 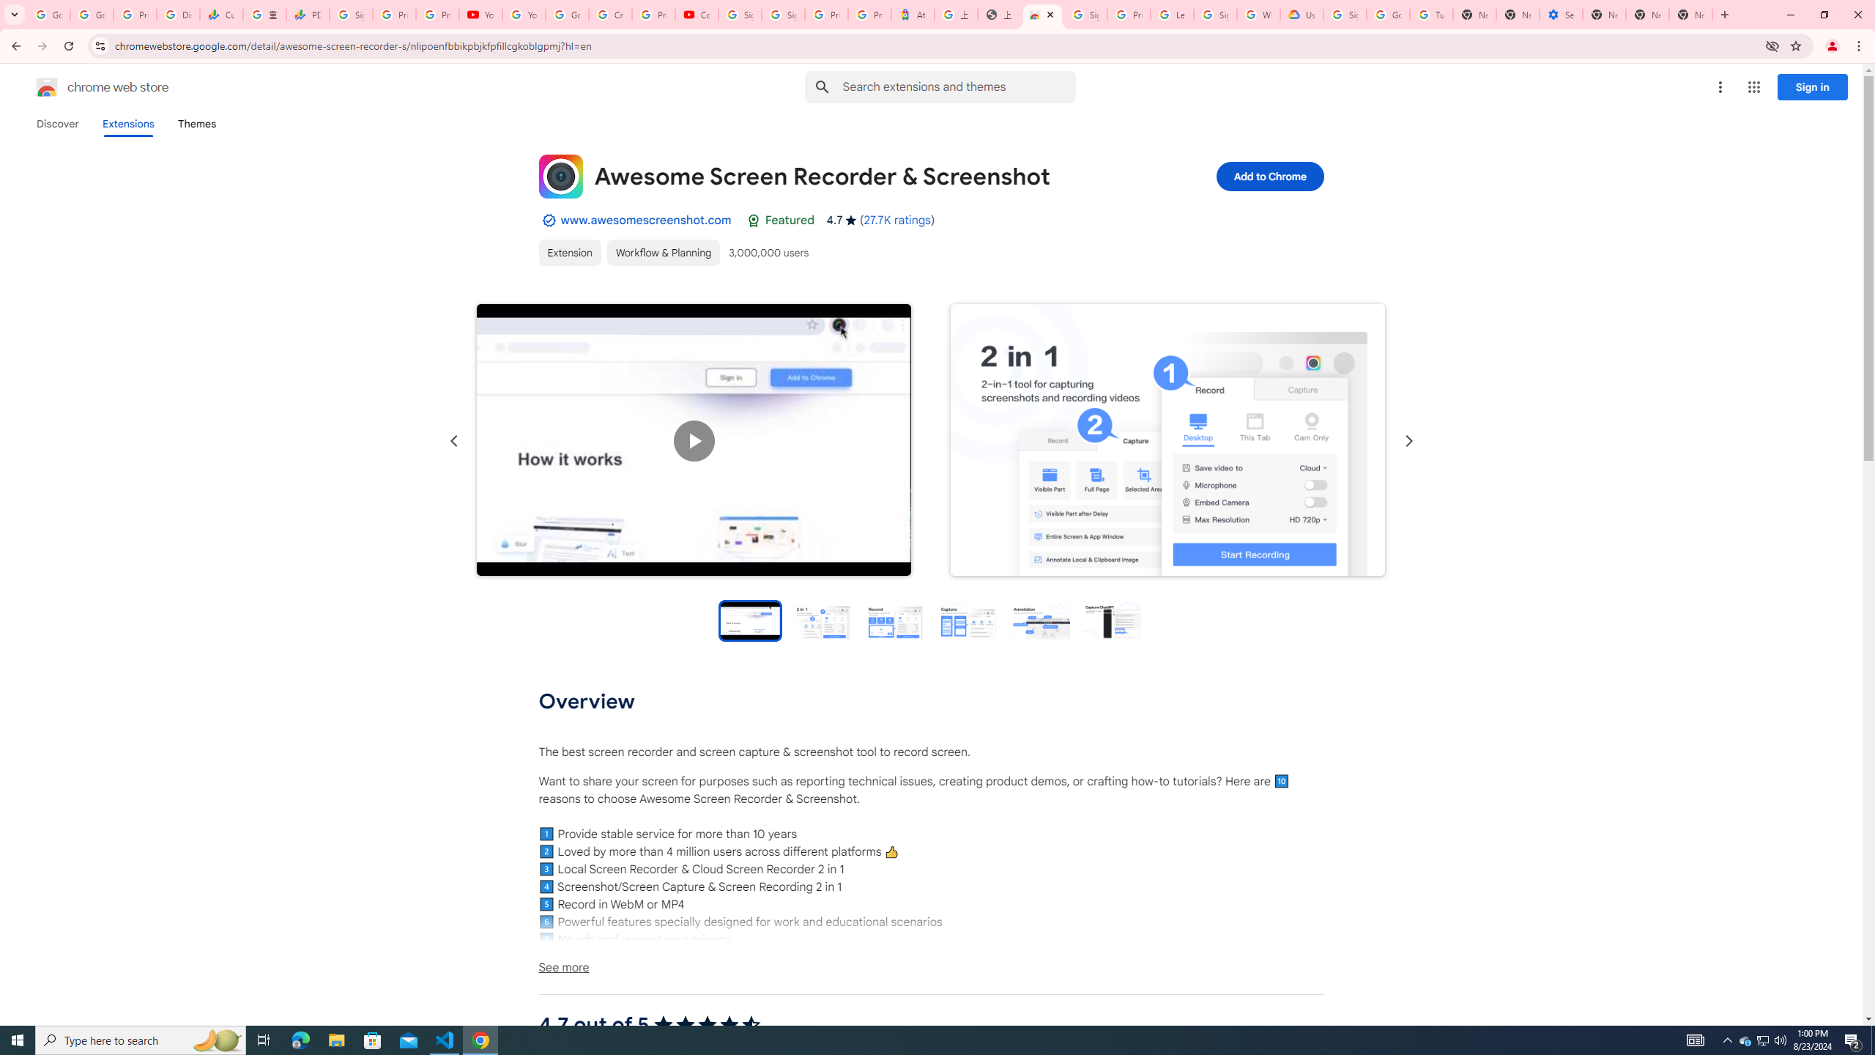 What do you see at coordinates (697, 14) in the screenshot?
I see `'Content Creator Programs & Opportunities - YouTube Creators'` at bounding box center [697, 14].